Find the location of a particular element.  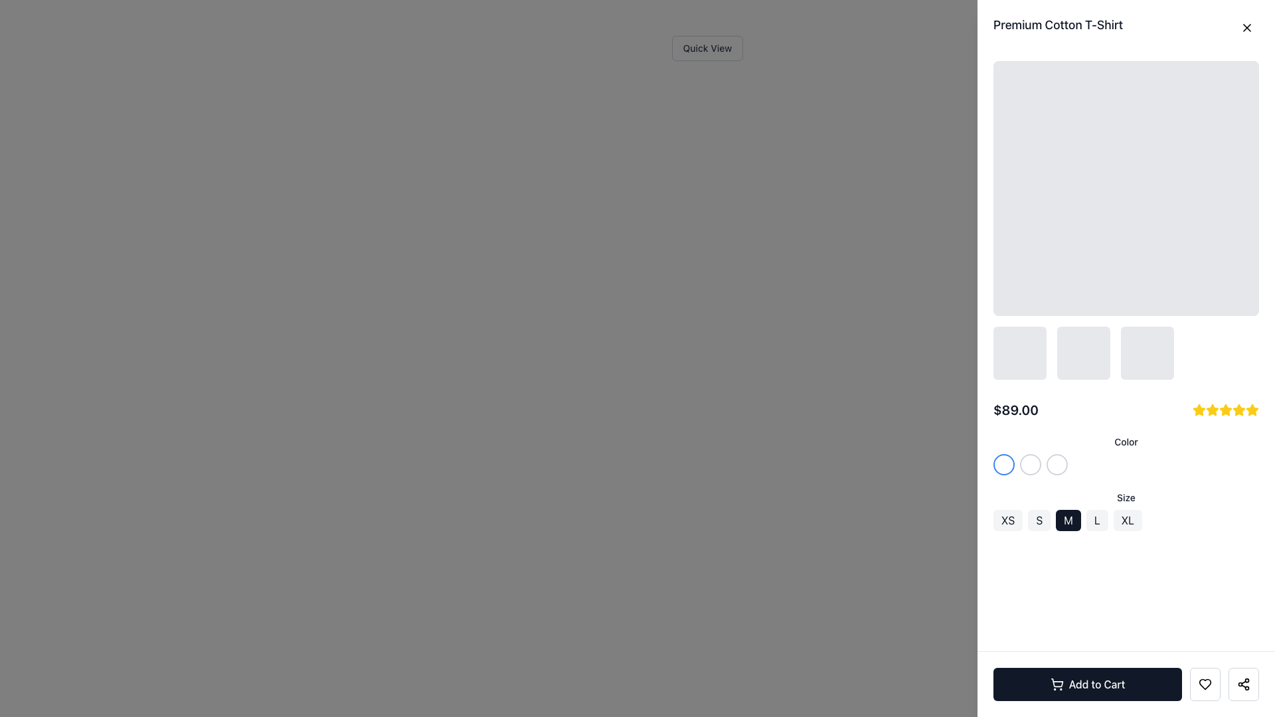

the fourth yellow star icon in the horizontal row of five stars, located slightly above and to the right of the product's price in the product details section is located at coordinates (1225, 409).